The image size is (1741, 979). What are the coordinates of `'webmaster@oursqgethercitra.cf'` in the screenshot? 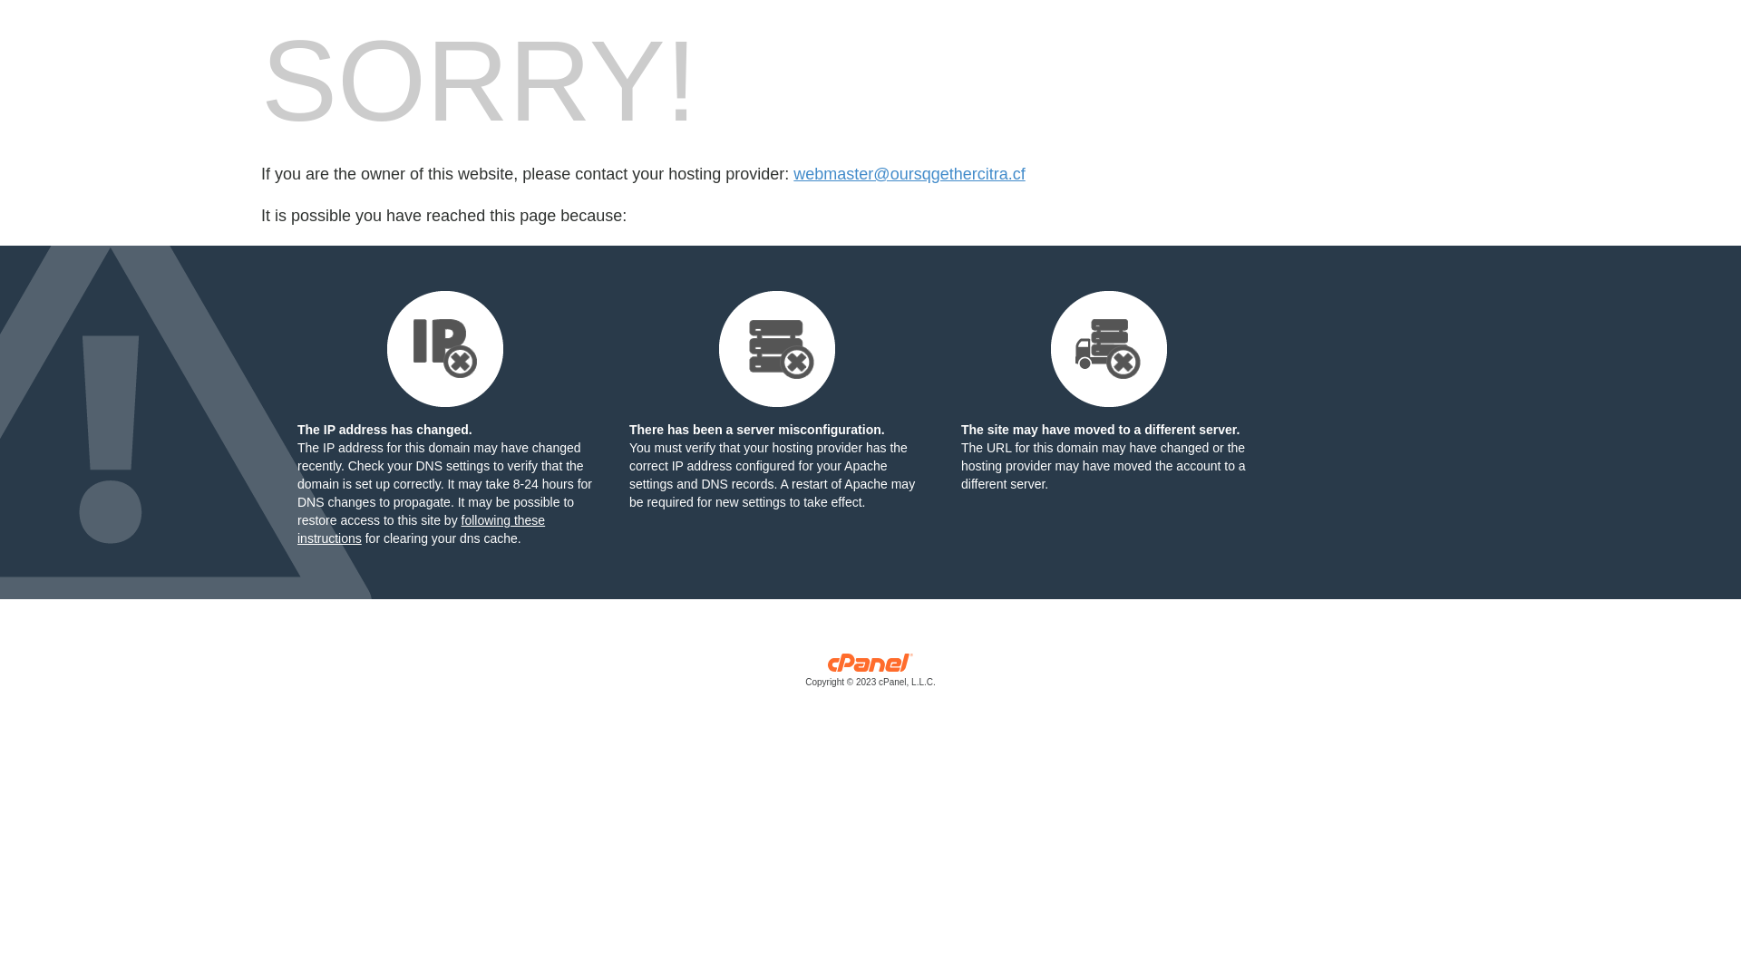 It's located at (909, 174).